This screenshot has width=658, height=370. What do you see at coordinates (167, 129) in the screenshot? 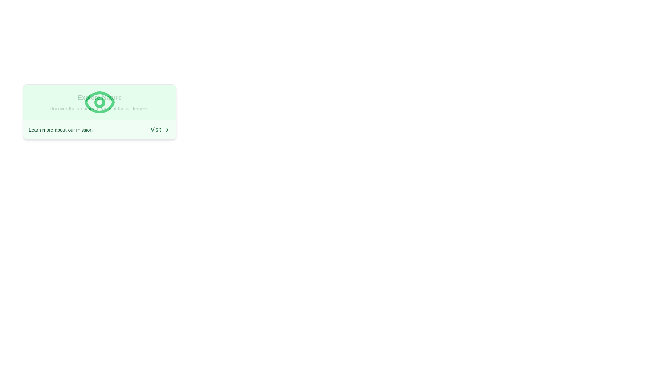
I see `the interactive icon located at the far-right side next to the 'Visit' text in the bottom-right corner of the rectangular information card` at bounding box center [167, 129].